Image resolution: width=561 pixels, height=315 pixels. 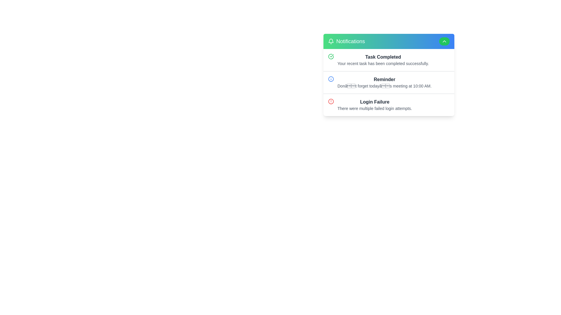 I want to click on the 'Task Completed' text element in the notification panel that indicates a task has been successfully completed, so click(x=383, y=57).